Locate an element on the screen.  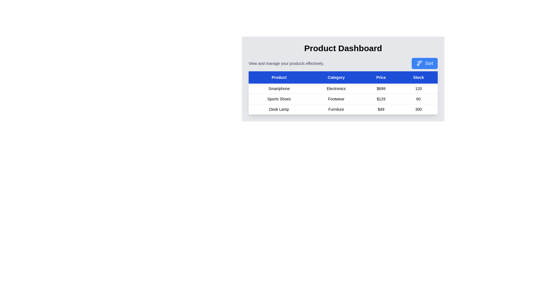
the Price table header to sort the table by that column is located at coordinates (381, 77).